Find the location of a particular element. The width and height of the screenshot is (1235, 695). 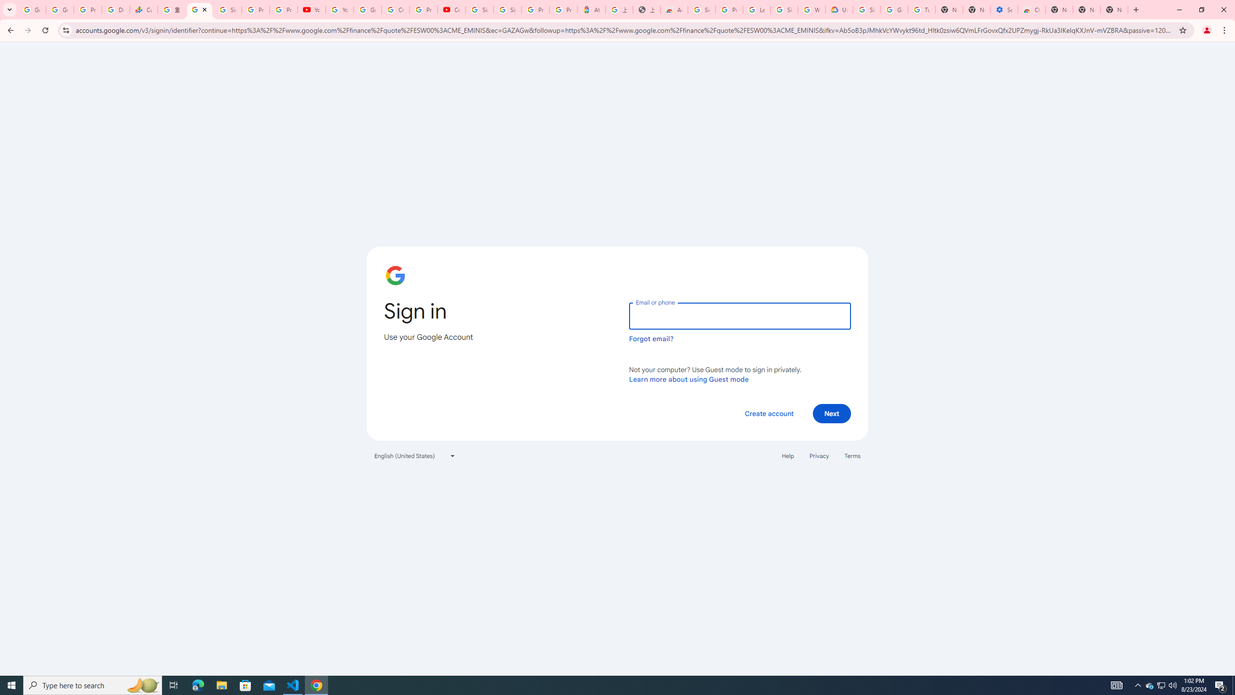

'English (United States)' is located at coordinates (415, 455).